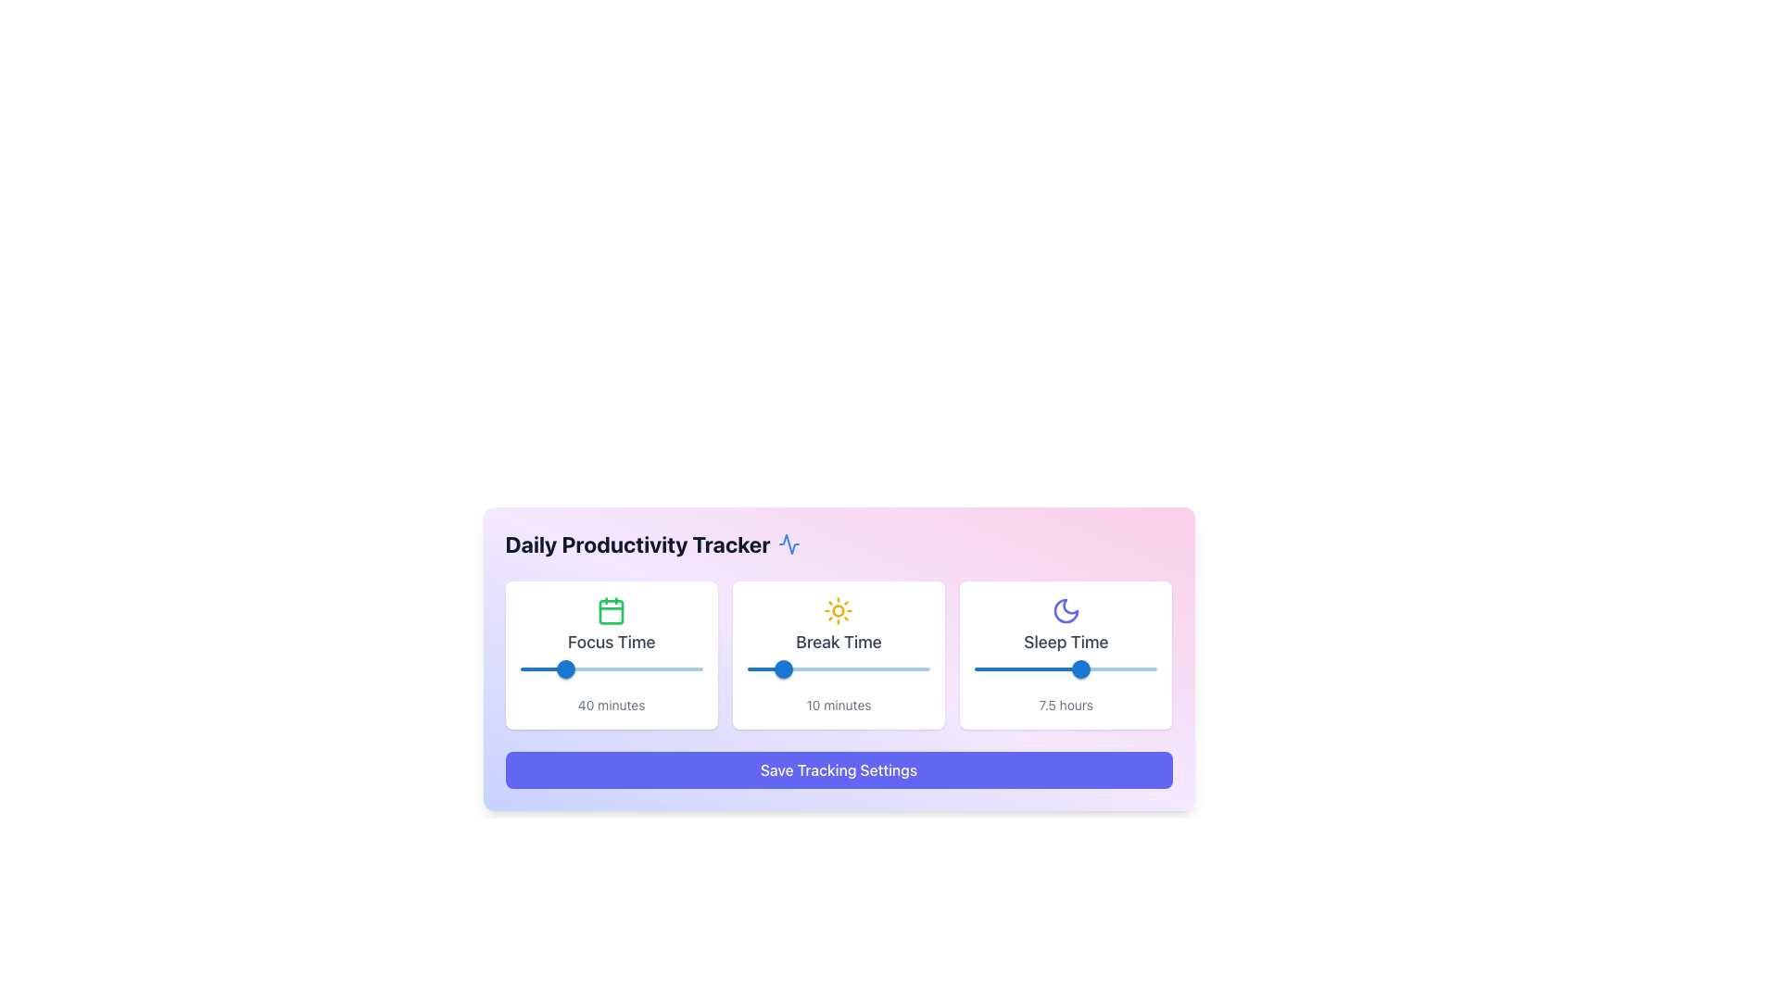 The width and height of the screenshot is (1779, 1000). Describe the element at coordinates (814, 669) in the screenshot. I see `break time` at that location.